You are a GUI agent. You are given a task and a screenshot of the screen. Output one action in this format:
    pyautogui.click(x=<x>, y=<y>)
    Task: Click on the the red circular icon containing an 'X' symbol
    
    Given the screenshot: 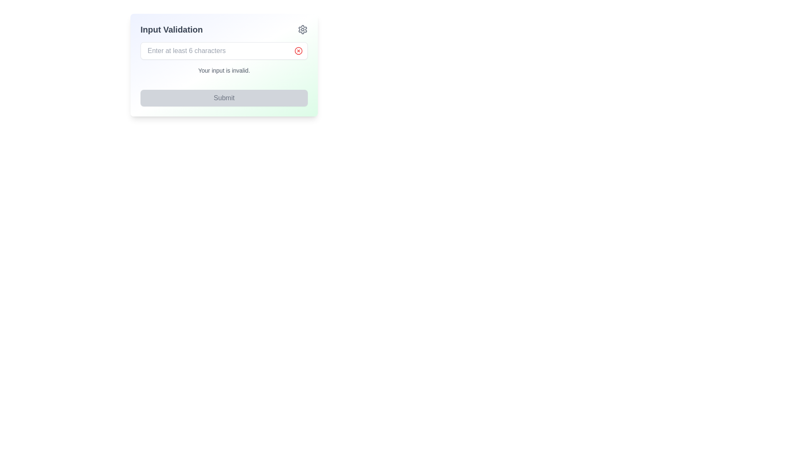 What is the action you would take?
    pyautogui.click(x=299, y=51)
    